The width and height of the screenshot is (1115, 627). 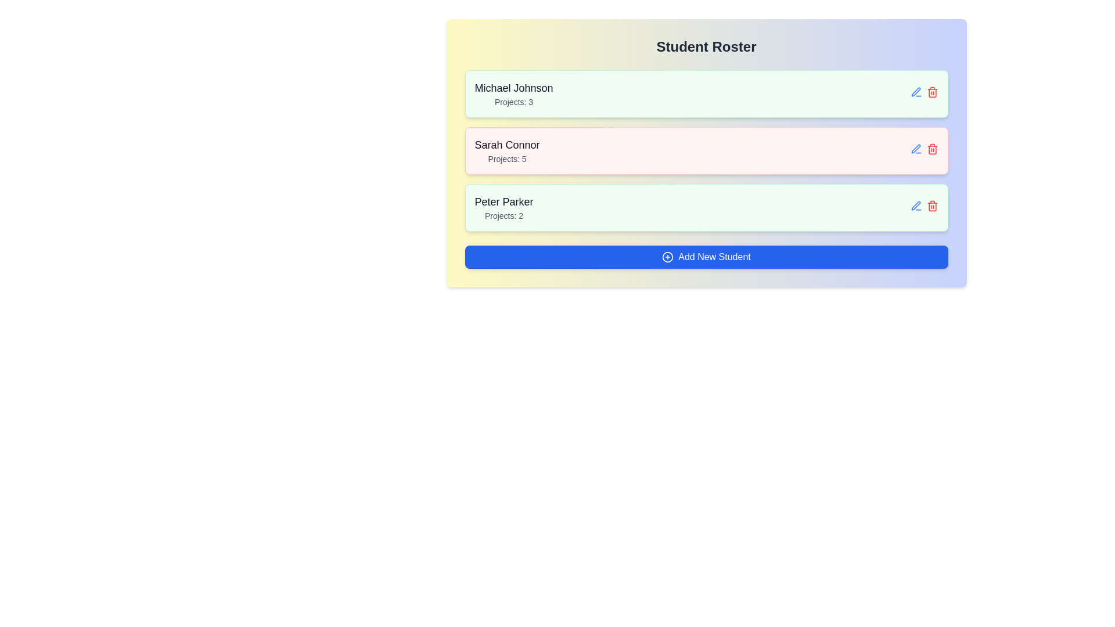 What do you see at coordinates (915, 148) in the screenshot?
I see `the edit button for Sarah Connor` at bounding box center [915, 148].